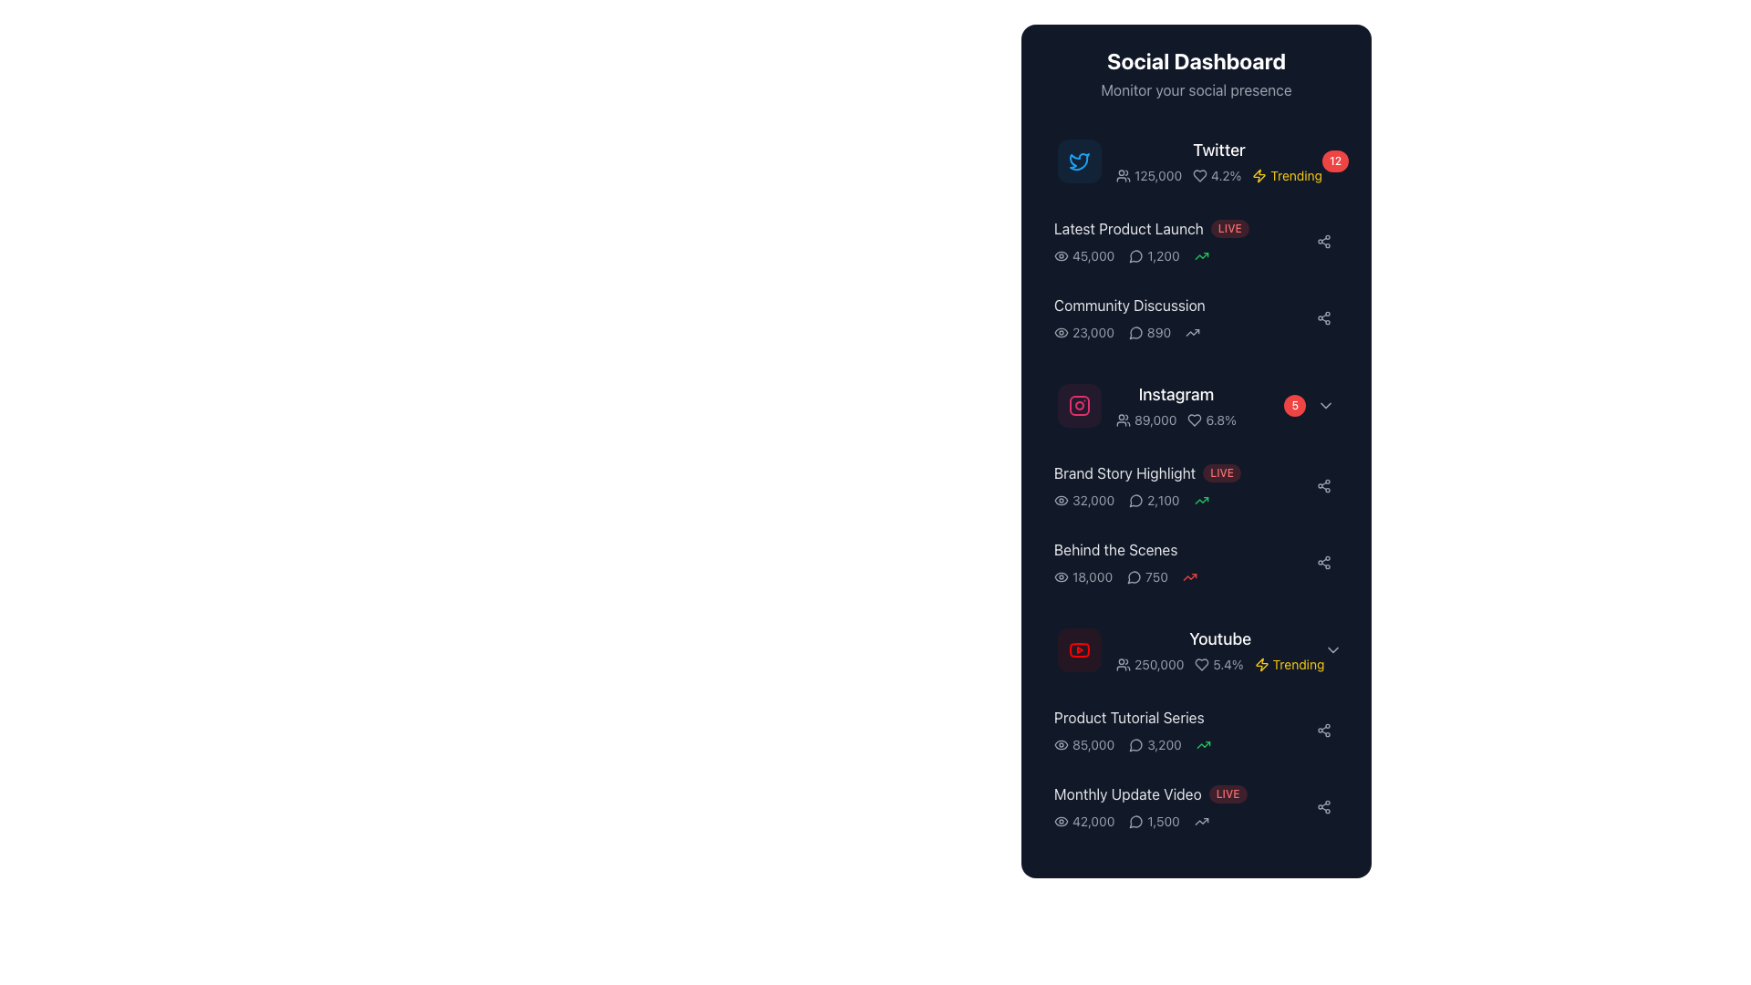 The image size is (1751, 985). Describe the element at coordinates (1217, 175) in the screenshot. I see `the static text displaying the percentage value related to the Twitter account metrics, which is positioned to the right of the heart icon in the dashboard` at that location.